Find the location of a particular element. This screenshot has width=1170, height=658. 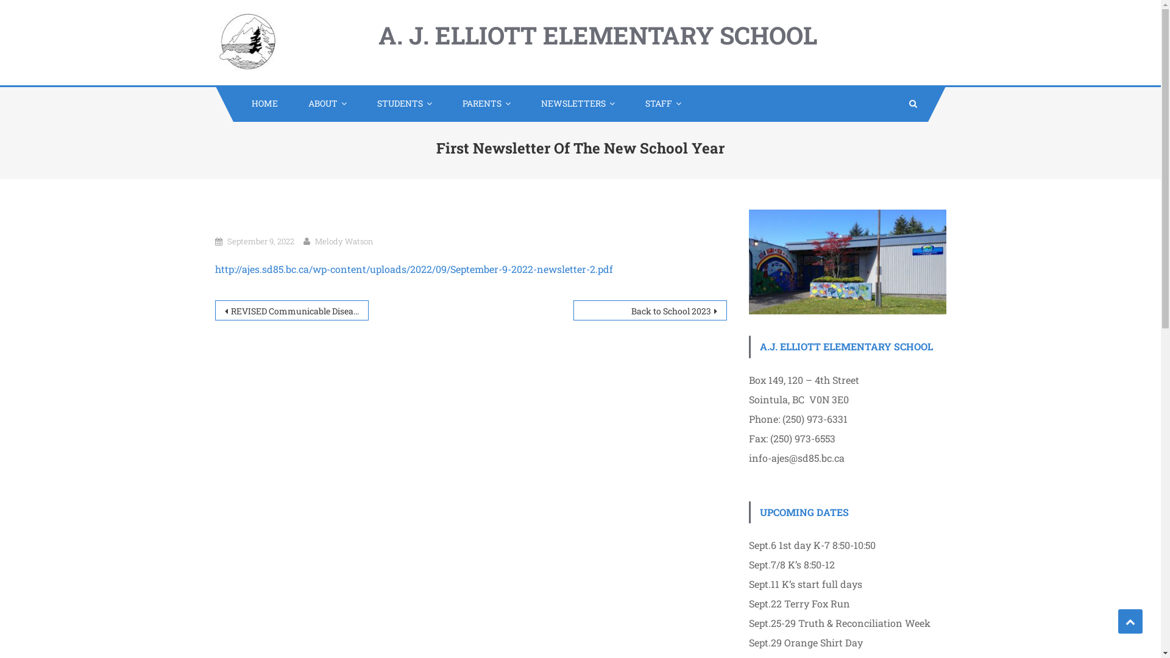

'Back to School 2023' is located at coordinates (648, 310).